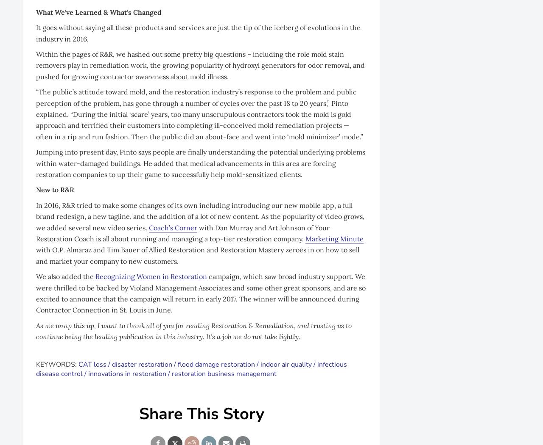 This screenshot has width=543, height=445. I want to click on 'innovations in restoration', so click(127, 373).